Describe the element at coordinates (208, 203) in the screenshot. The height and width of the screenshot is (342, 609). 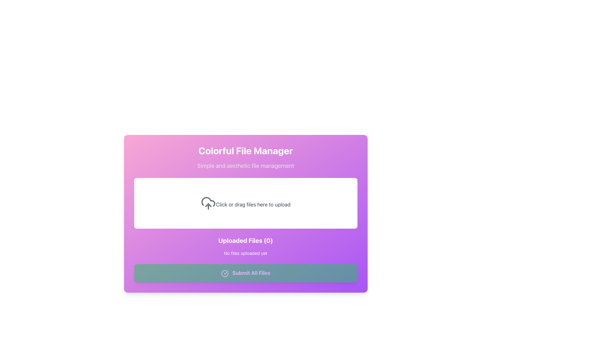
I see `the upload icon that visually represents the upload action, which is positioned slightly to the left of the text 'Click or drag files here to upload'` at that location.